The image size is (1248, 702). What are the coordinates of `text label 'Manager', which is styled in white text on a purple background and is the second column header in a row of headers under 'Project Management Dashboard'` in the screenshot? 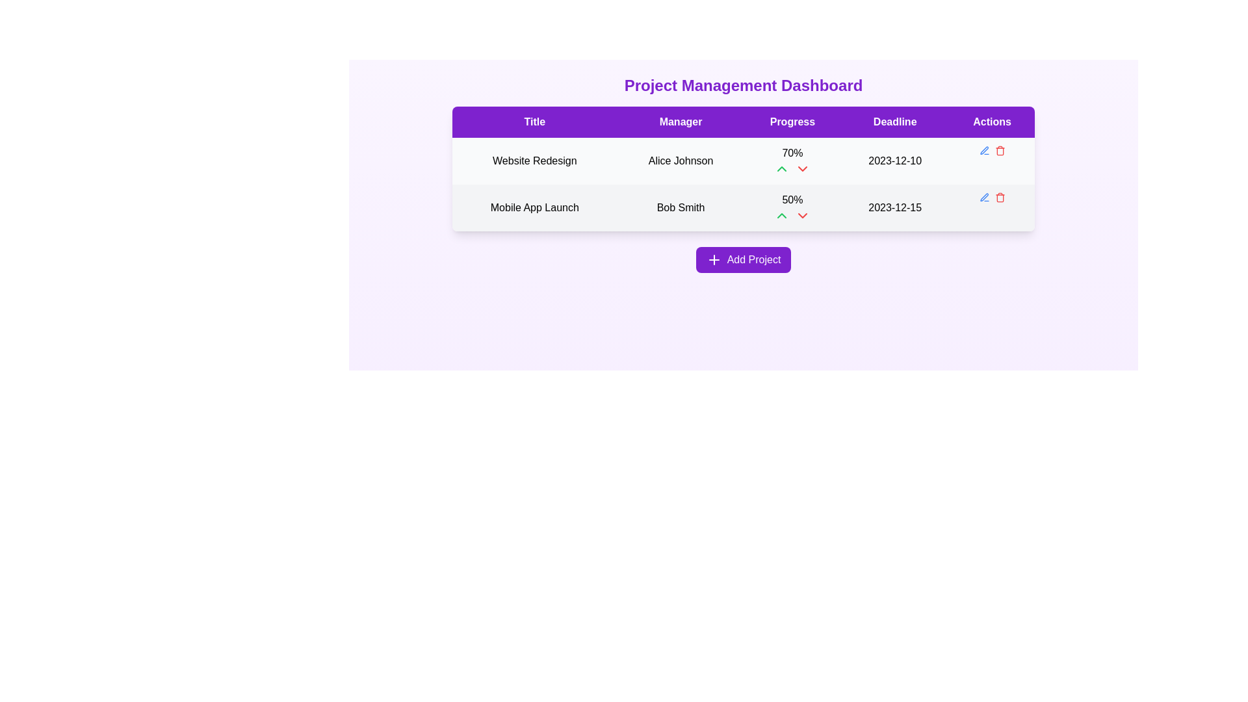 It's located at (680, 122).